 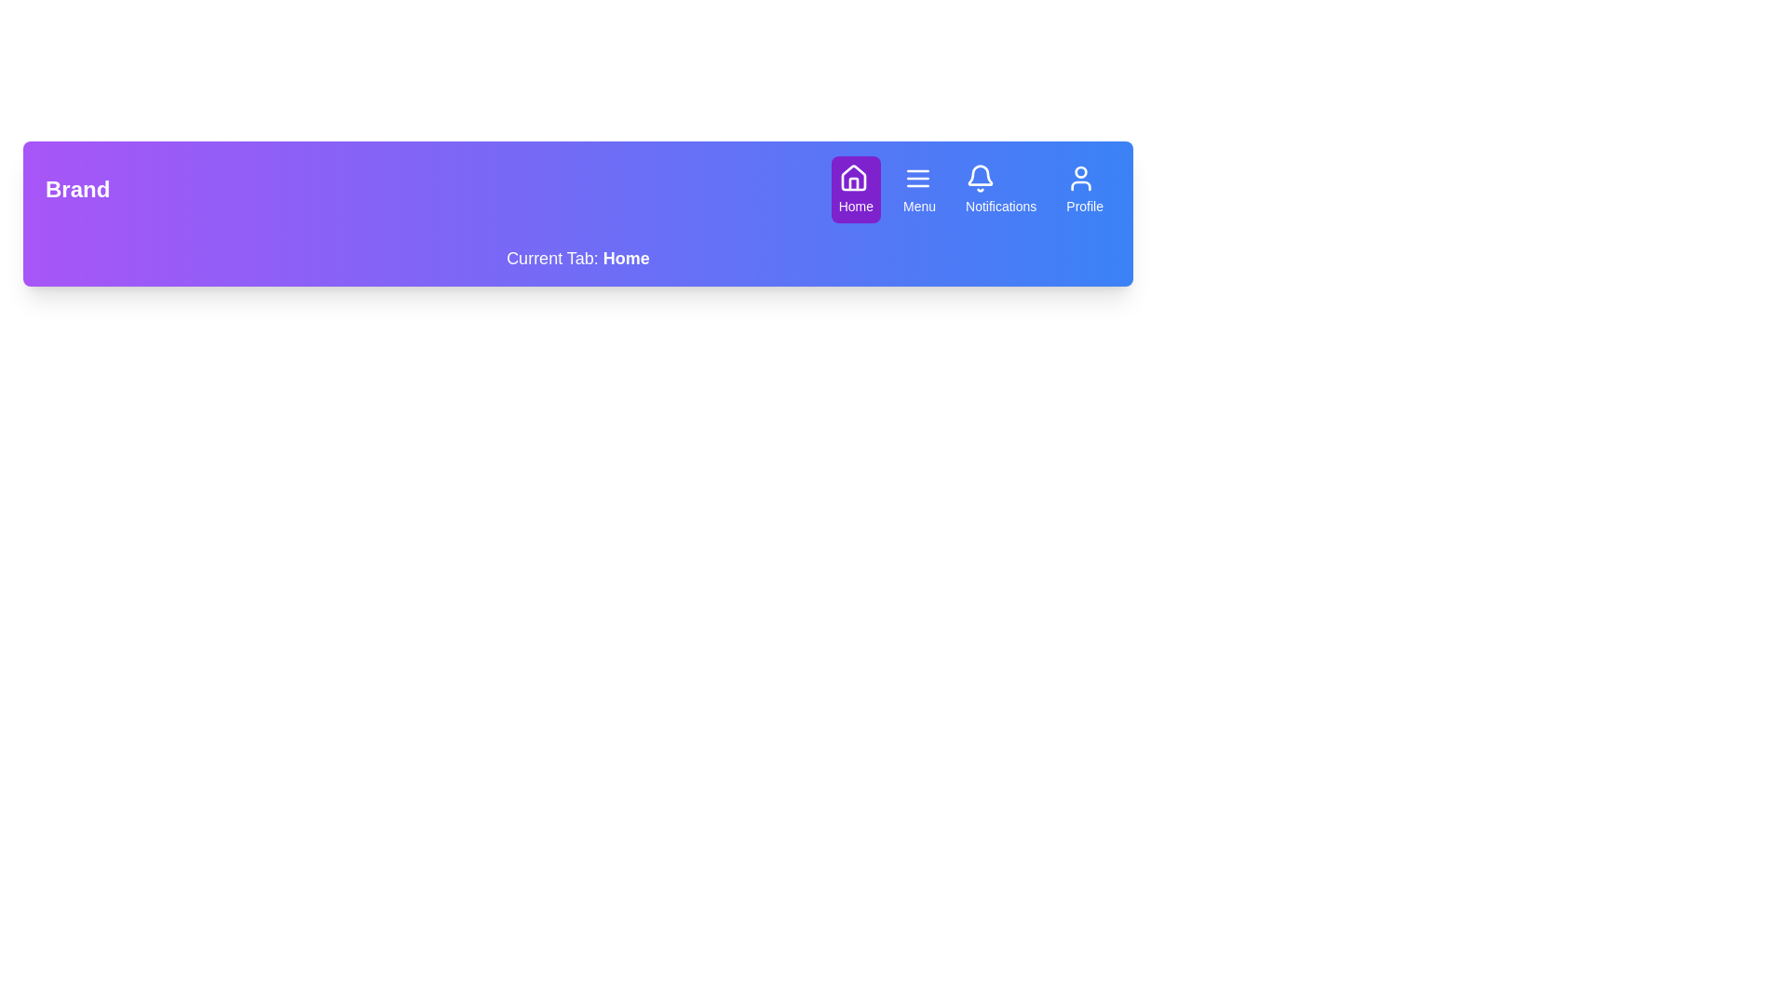 What do you see at coordinates (76, 190) in the screenshot?
I see `the static text label displaying 'Brand' in bold, large font on a purple background, located on the far left of the navigation bar` at bounding box center [76, 190].